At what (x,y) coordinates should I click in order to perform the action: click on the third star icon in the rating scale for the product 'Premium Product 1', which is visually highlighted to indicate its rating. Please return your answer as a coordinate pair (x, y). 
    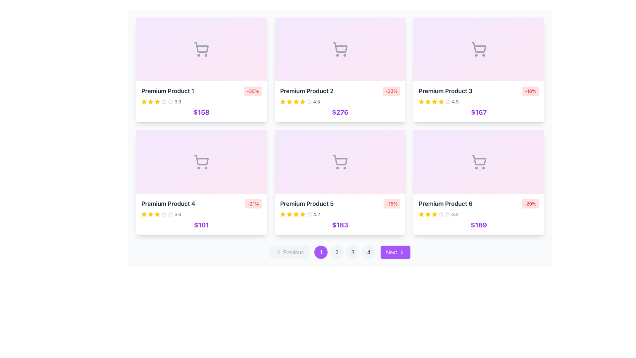
    Looking at the image, I should click on (150, 102).